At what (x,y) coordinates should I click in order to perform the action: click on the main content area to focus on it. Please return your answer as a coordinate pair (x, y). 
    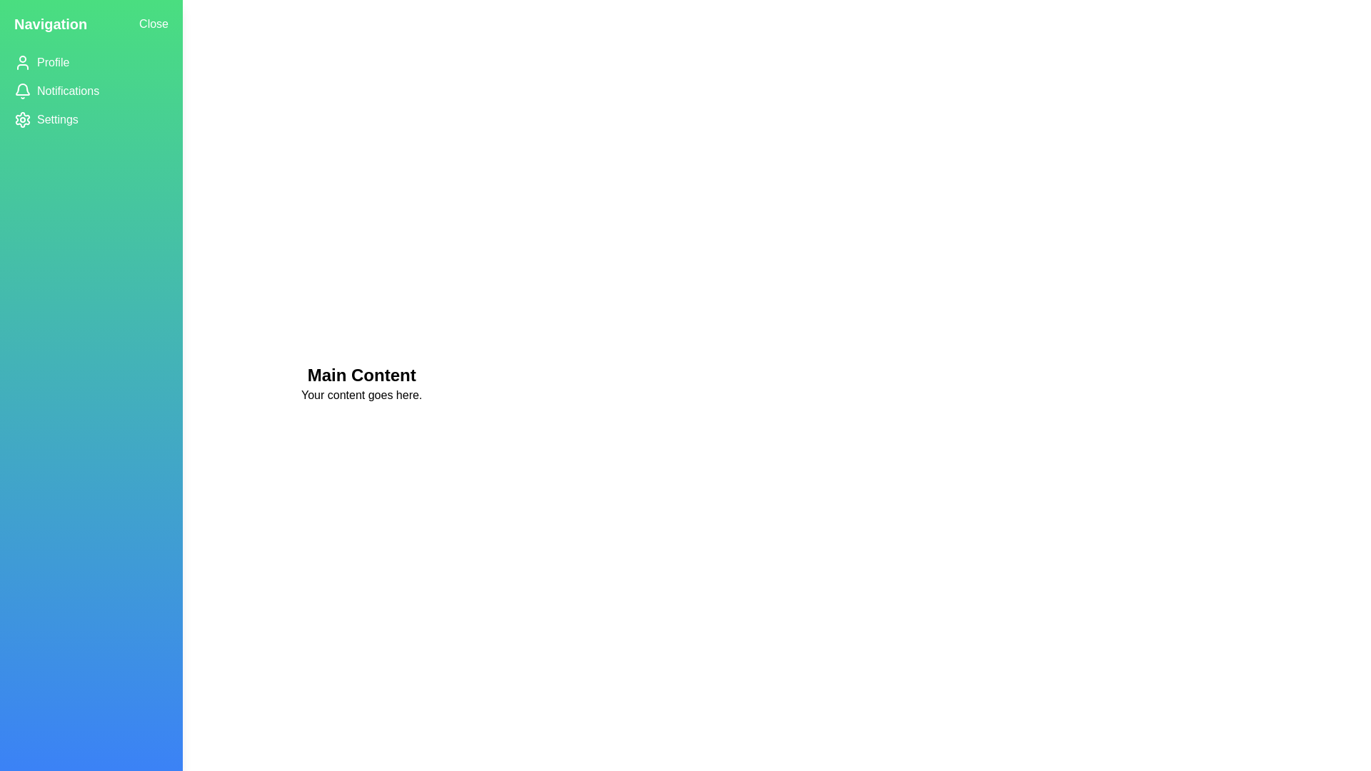
    Looking at the image, I should click on (361, 383).